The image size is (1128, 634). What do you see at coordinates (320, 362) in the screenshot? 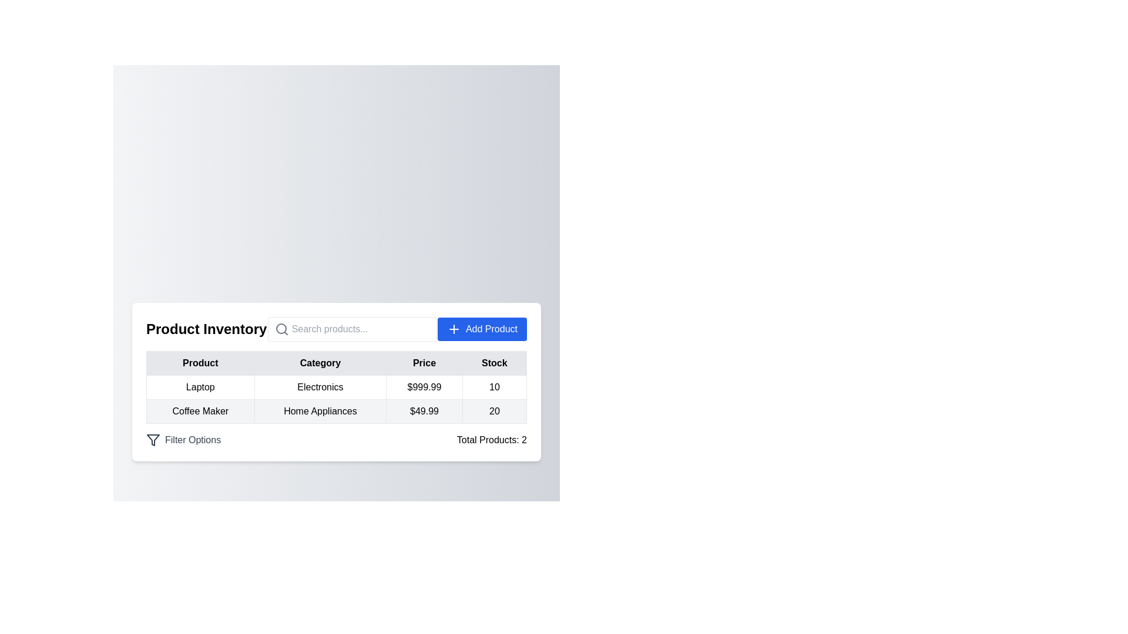
I see `text label 'Category' located in the second column header of the data table, positioned between 'Product' and 'Price'` at bounding box center [320, 362].